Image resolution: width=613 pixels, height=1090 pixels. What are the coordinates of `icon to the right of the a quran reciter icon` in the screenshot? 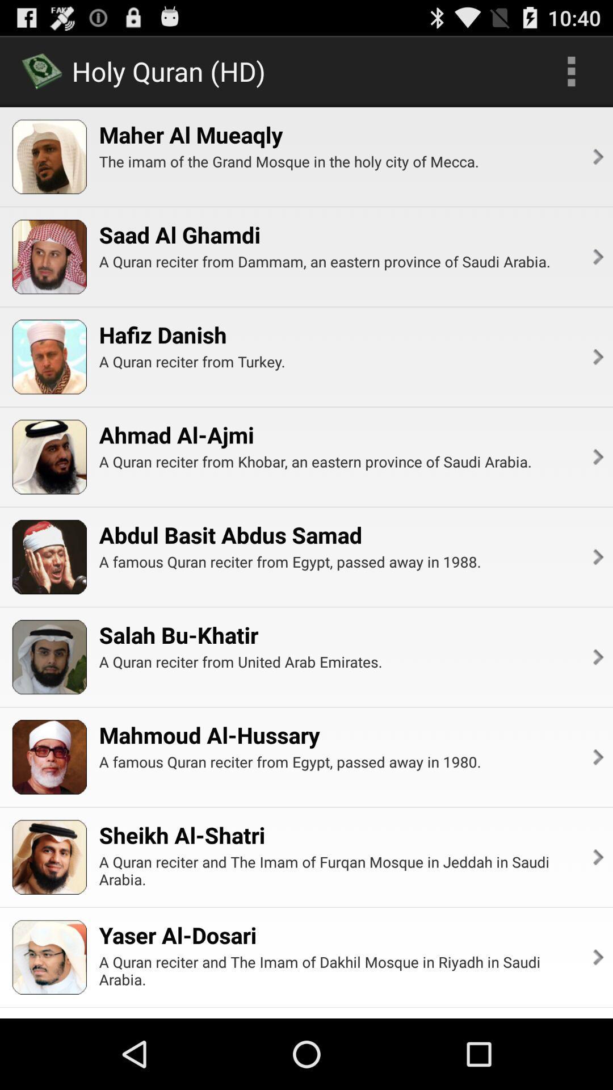 It's located at (597, 356).